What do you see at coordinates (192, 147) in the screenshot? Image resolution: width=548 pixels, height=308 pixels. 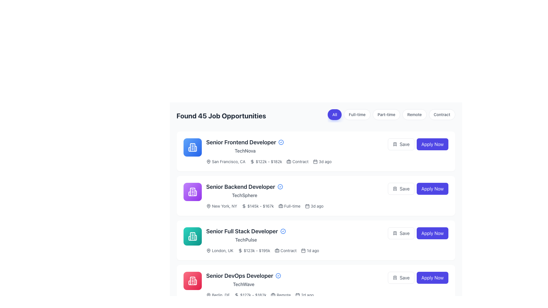 I see `the square icon with rounded corners and a gradient background transitioning from blue to blue-violet, featuring a simplified building-like icon design in white, located next to the job title for 'Senior Frontend Developer'` at bounding box center [192, 147].